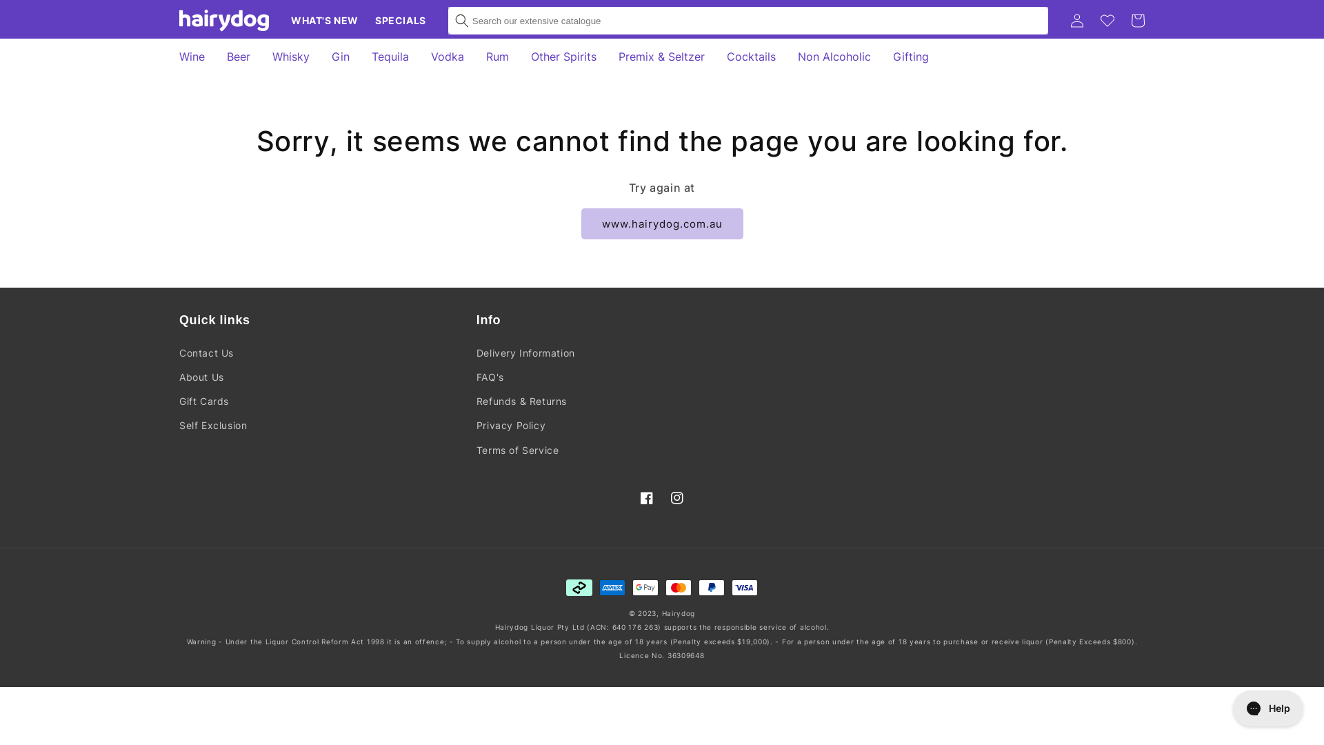  Describe the element at coordinates (477, 424) in the screenshot. I see `'Privacy Policy'` at that location.